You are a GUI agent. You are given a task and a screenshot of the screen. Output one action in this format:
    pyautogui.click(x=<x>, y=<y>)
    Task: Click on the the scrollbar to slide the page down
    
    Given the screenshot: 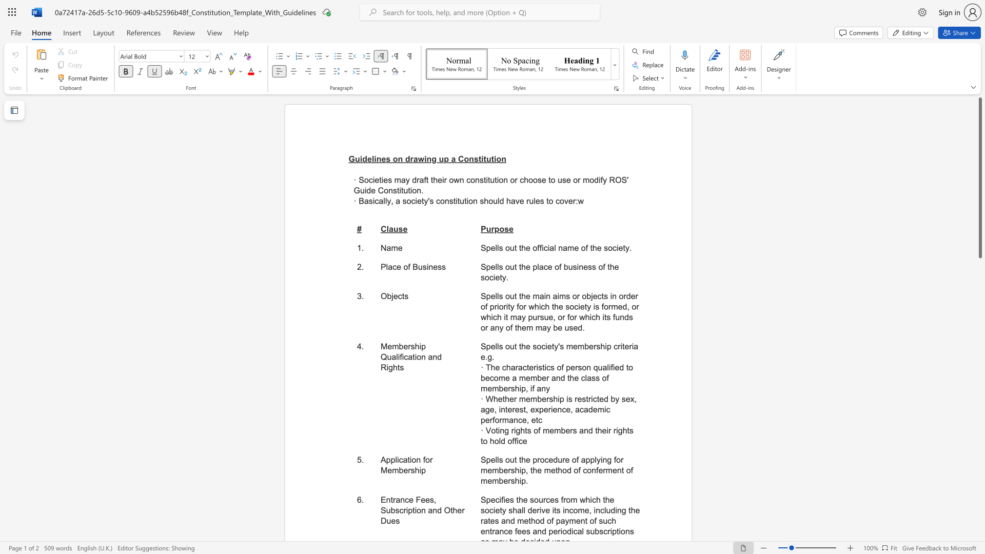 What is the action you would take?
    pyautogui.click(x=979, y=508)
    